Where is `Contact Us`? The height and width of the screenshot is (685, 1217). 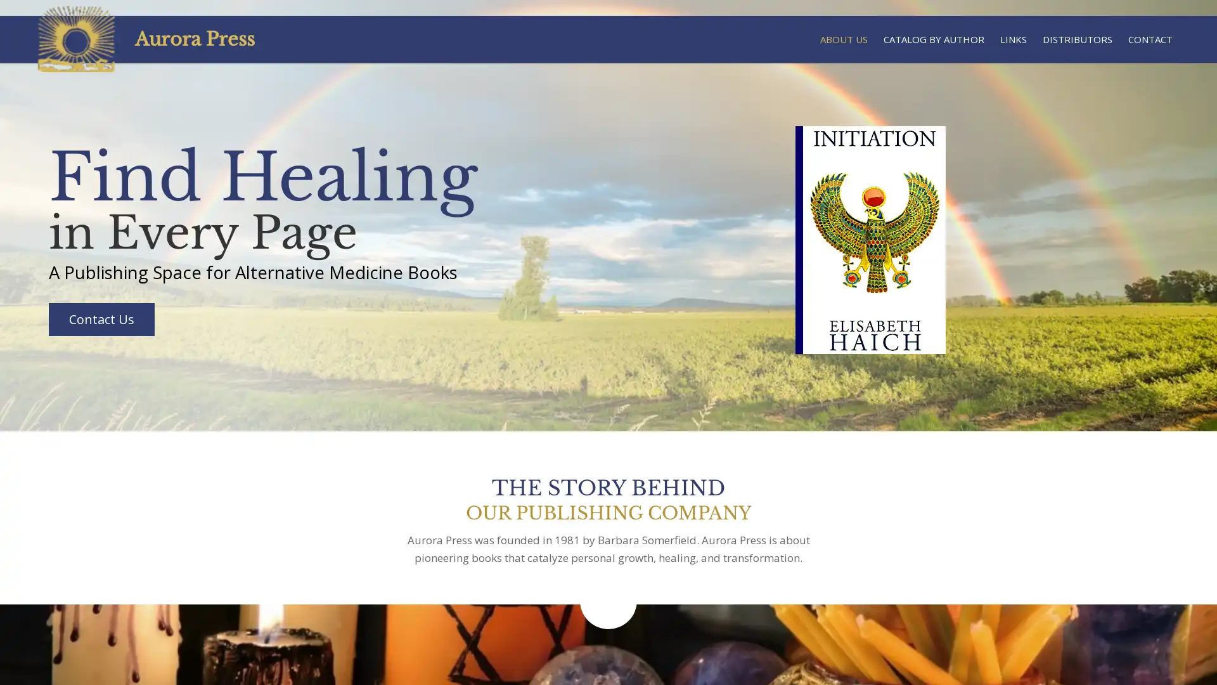
Contact Us is located at coordinates (100, 318).